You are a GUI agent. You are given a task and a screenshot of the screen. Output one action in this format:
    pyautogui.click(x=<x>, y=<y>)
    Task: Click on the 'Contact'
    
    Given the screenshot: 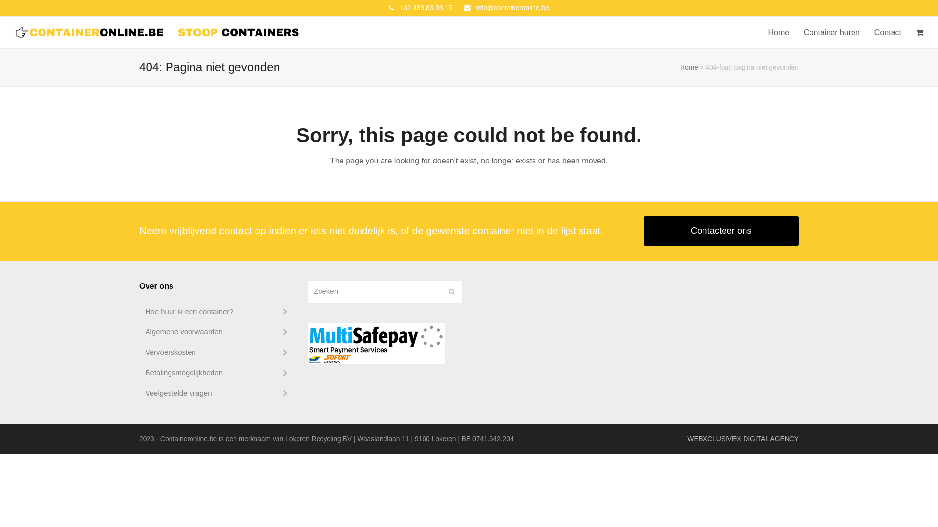 What is the action you would take?
    pyautogui.click(x=888, y=32)
    